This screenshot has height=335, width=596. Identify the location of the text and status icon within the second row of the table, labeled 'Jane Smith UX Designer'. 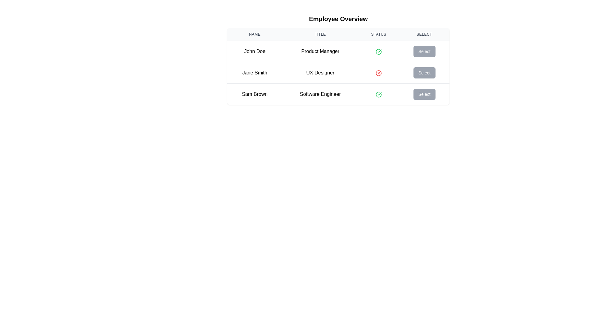
(338, 72).